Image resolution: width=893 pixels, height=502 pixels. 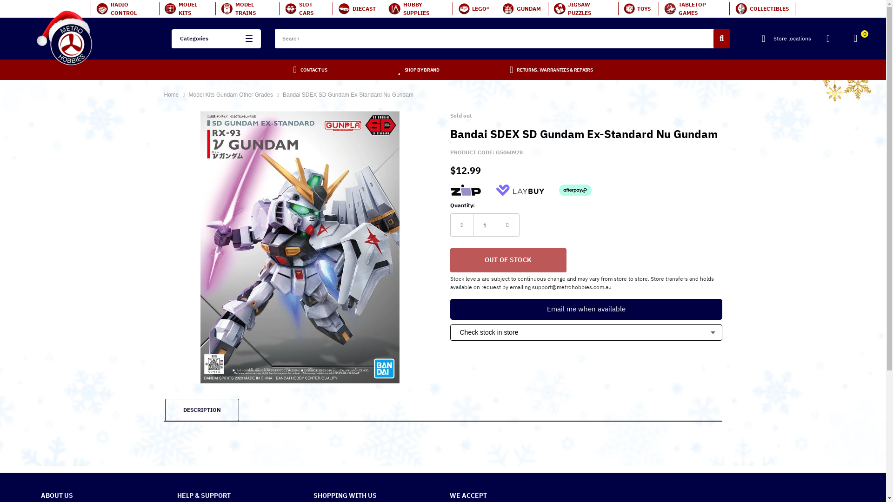 I want to click on 'DESCRIPTION', so click(x=201, y=410).